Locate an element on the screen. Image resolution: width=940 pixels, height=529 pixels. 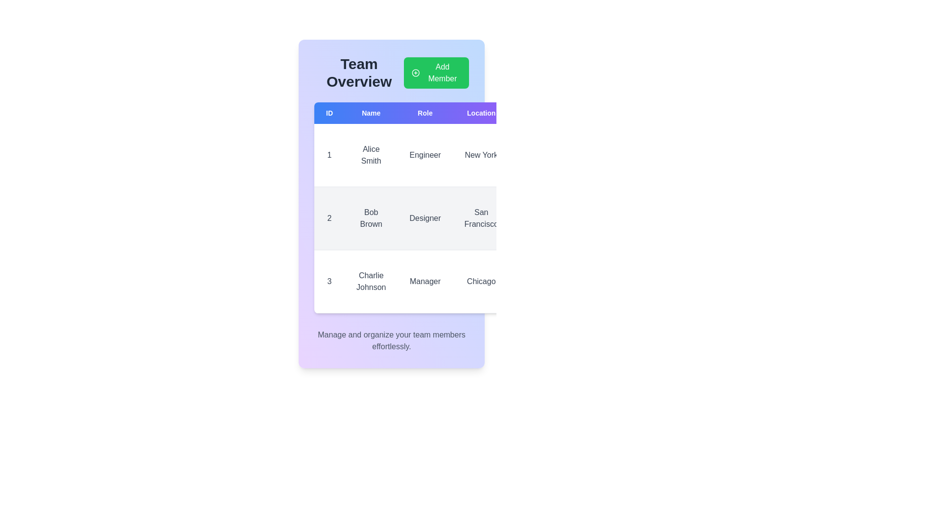
the static text field displaying the location for Alice Smith, located in the fourth column of the first row under the 'Location' header is located at coordinates (481, 155).